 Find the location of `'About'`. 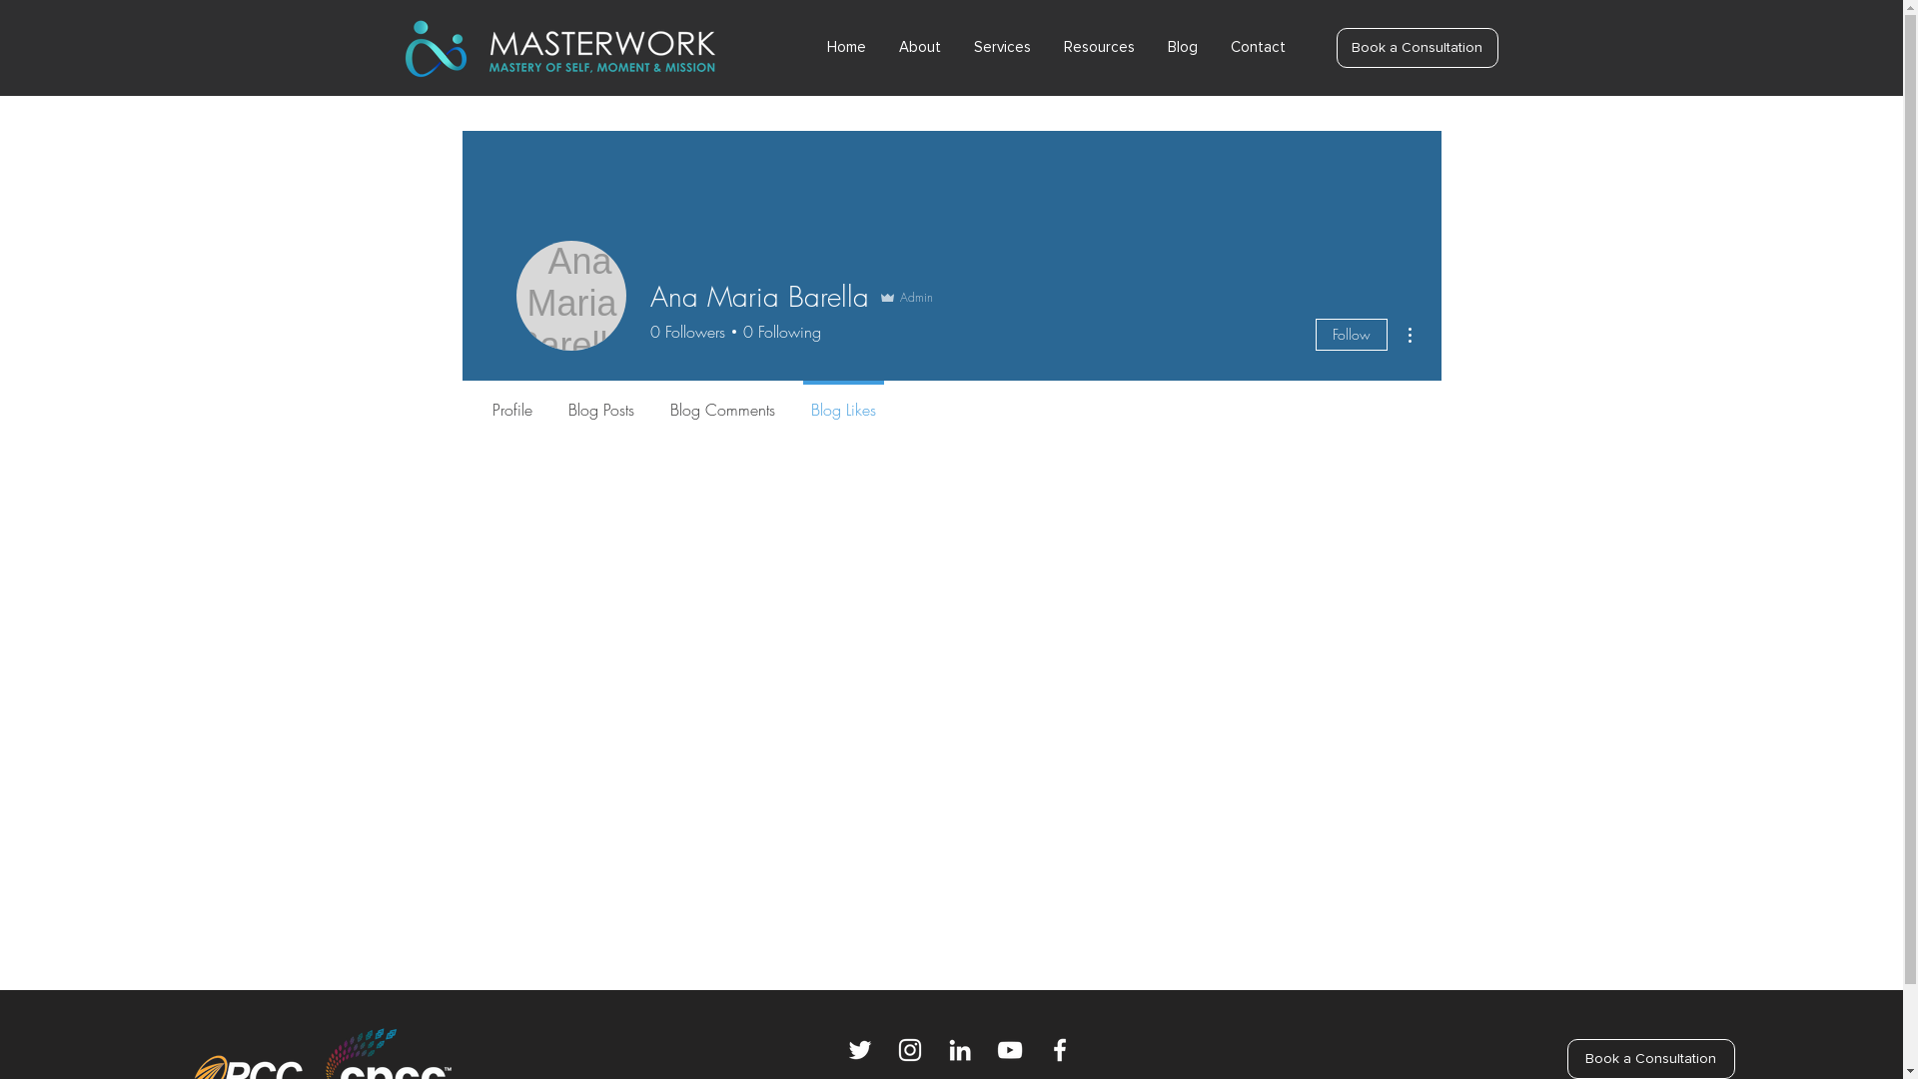

'About' is located at coordinates (925, 45).